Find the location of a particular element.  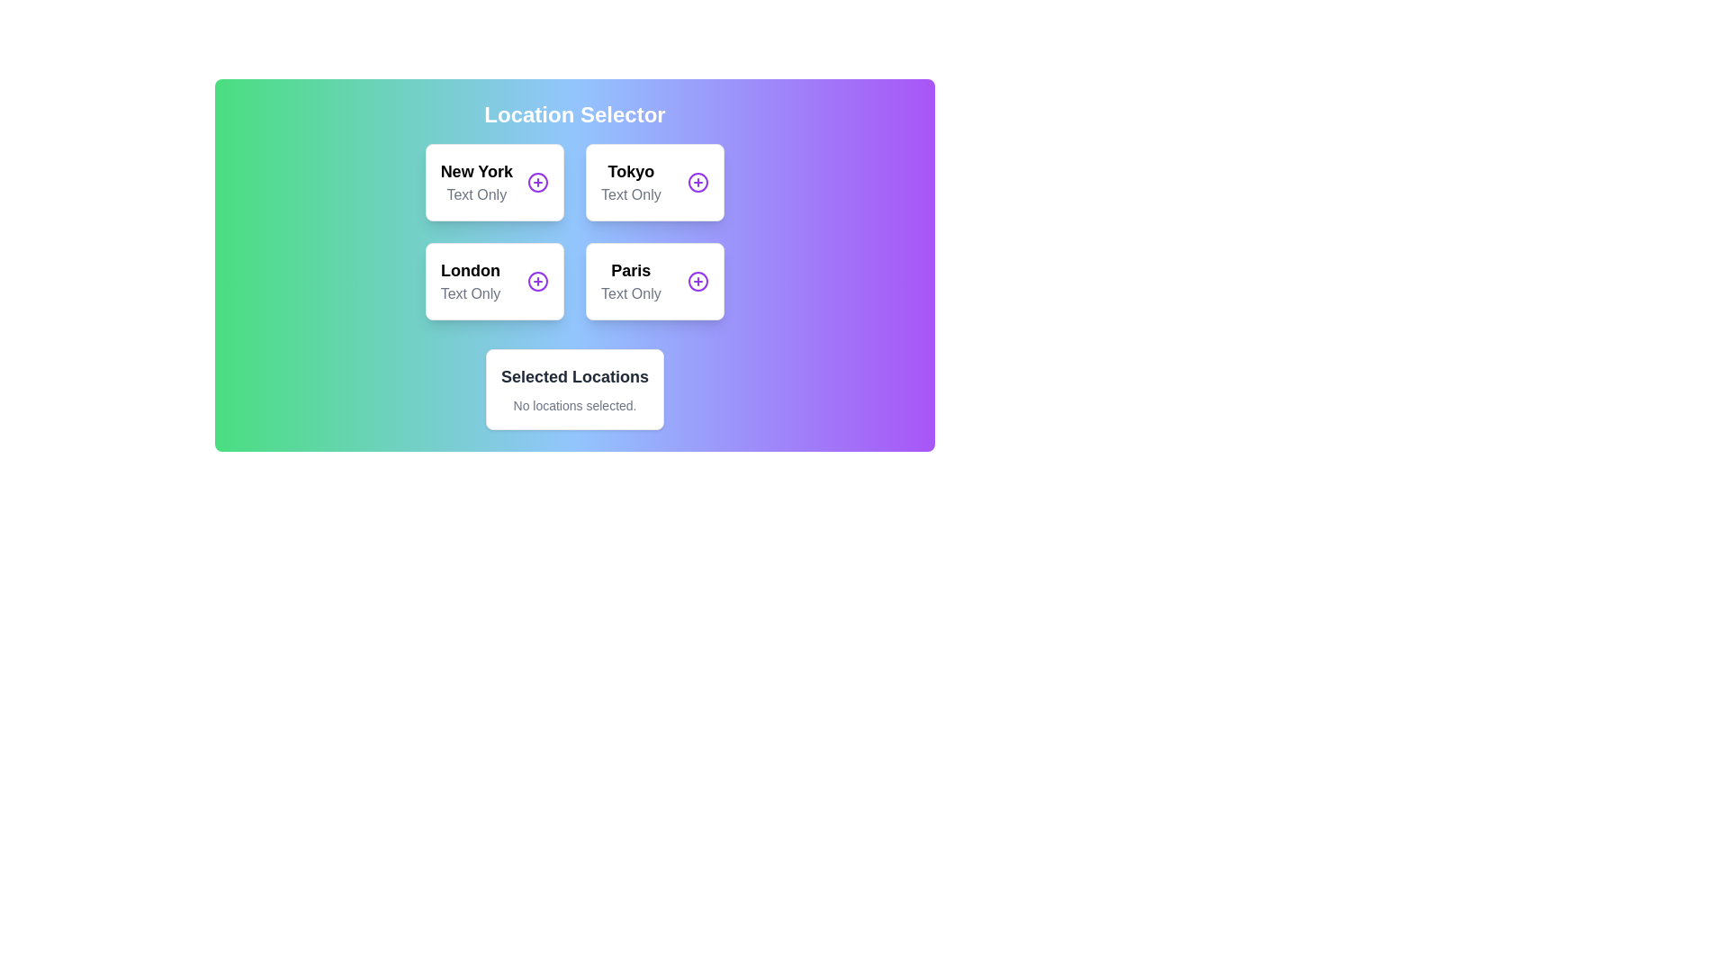

the decorative icon located in the bottom-right of the 'Paris' card in the grid of city options is located at coordinates (697, 281).